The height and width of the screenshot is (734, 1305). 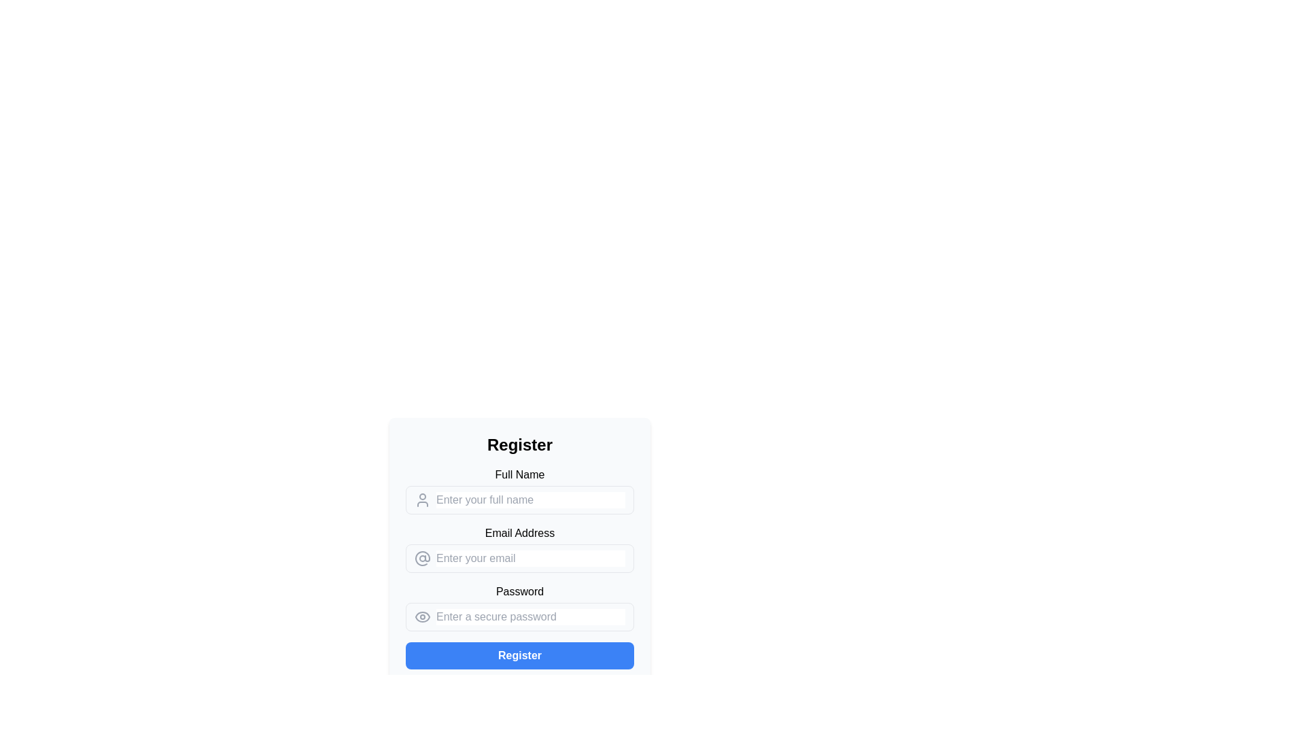 I want to click on the small gray '@' icon located to the left of the 'Enter your email' placeholder text in the email input field on the registration form, so click(x=422, y=558).